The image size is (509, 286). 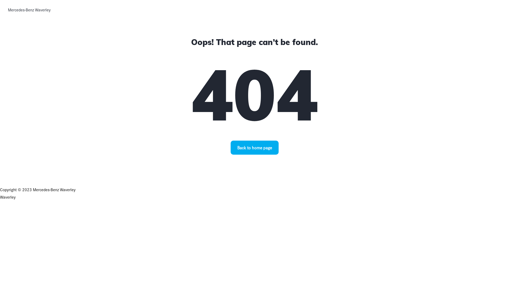 I want to click on 'Back to home page', so click(x=254, y=148).